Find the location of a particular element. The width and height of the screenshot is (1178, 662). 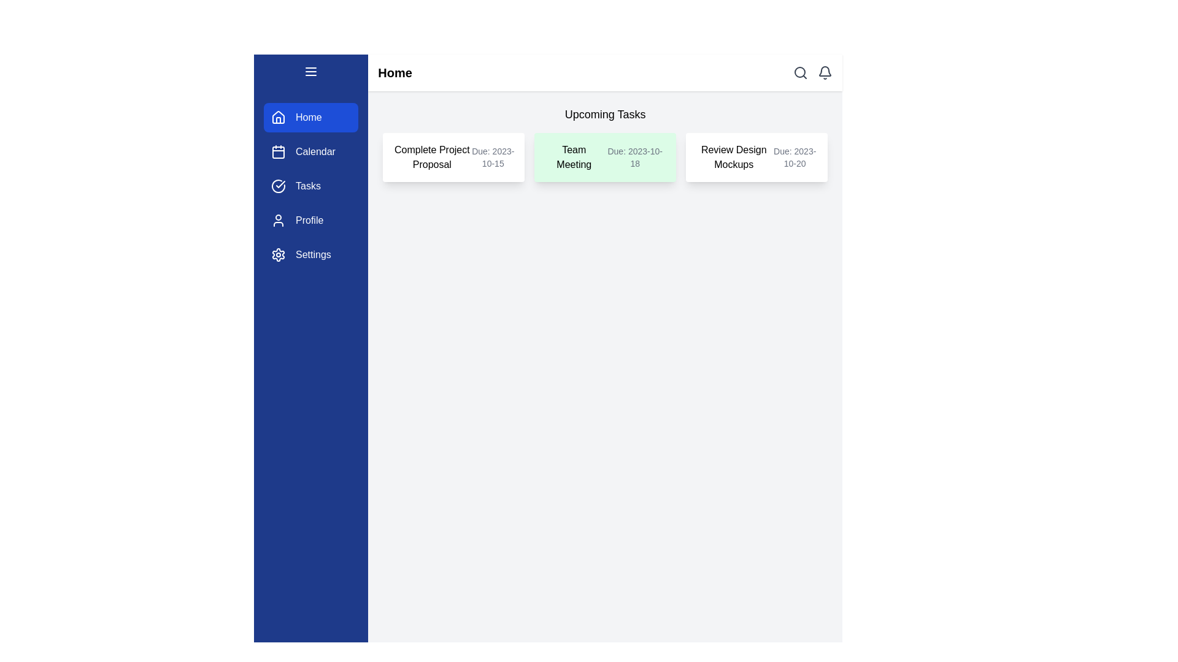

the static informational card displaying the task 'Complete Project Proposal' located at the top left of the grid layout is located at coordinates (453, 157).